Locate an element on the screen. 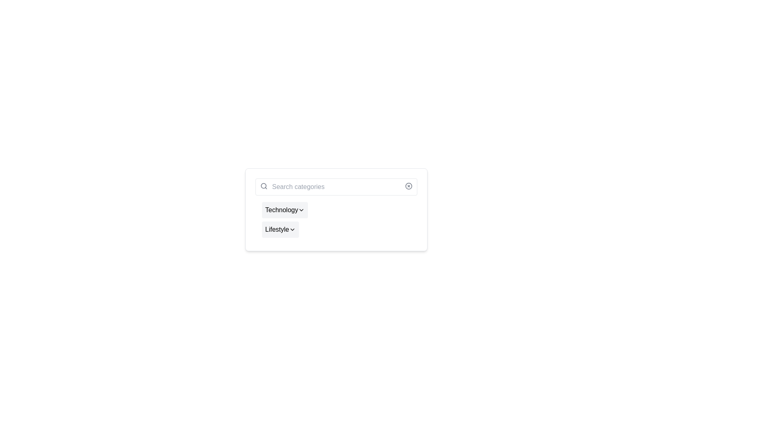 This screenshot has width=781, height=439. the 'Lifestyle' dropdown trigger button, which features a light gray background and a downward-facing arrow icon is located at coordinates (280, 229).